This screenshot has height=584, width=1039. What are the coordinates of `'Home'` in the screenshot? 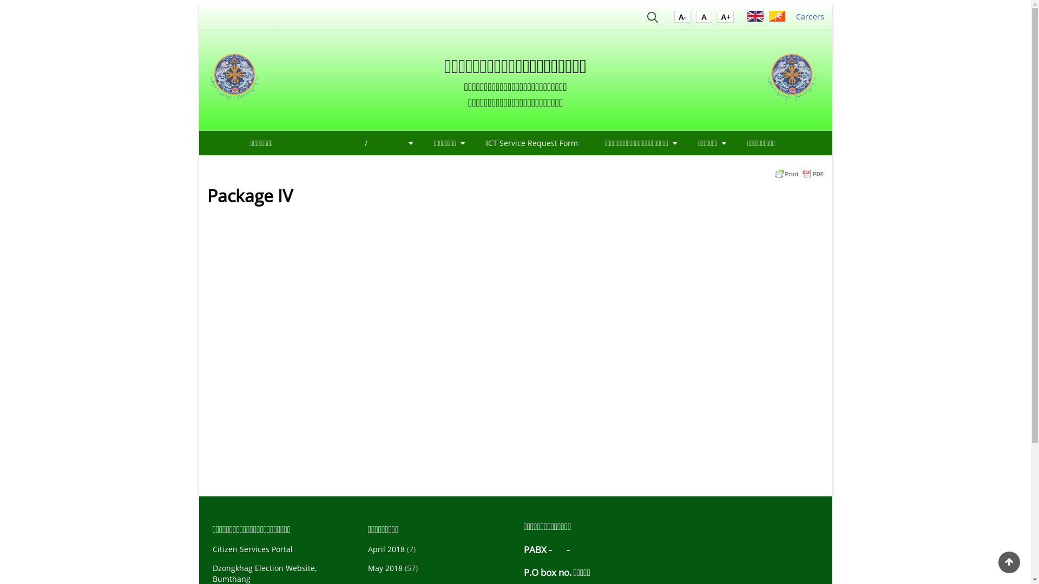 It's located at (794, 80).